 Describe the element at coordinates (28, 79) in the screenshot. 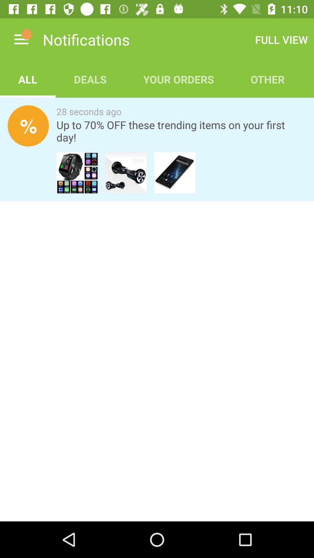

I see `the all` at that location.